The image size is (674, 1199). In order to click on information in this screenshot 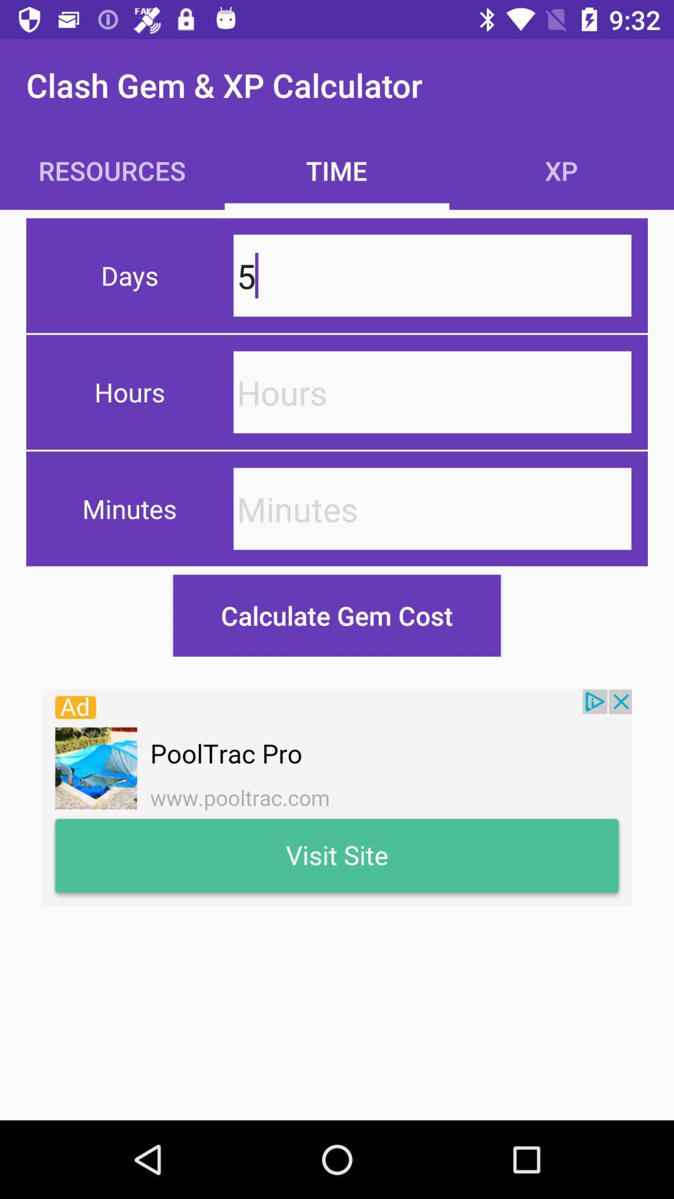, I will do `click(432, 508)`.